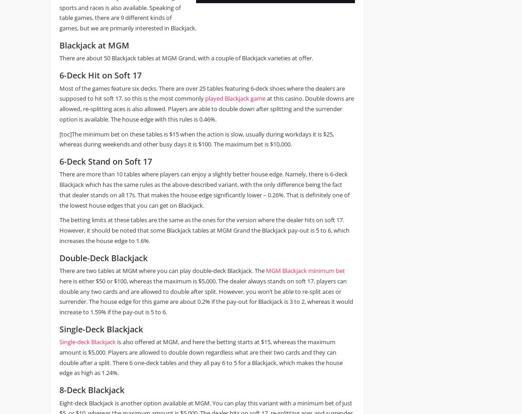  Describe the element at coordinates (186, 58) in the screenshot. I see `'There are about 50 Blackjack tables at MGM Grand, with a couple of Blackjack varieties at offer.'` at that location.